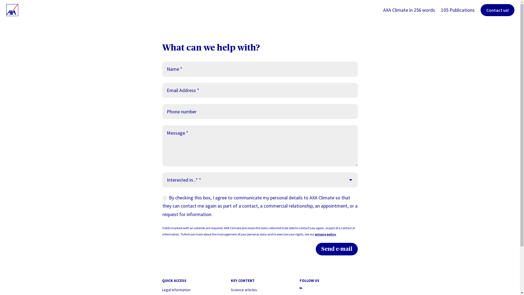 This screenshot has width=524, height=295. What do you see at coordinates (243, 289) in the screenshot?
I see `'Science articles'` at bounding box center [243, 289].